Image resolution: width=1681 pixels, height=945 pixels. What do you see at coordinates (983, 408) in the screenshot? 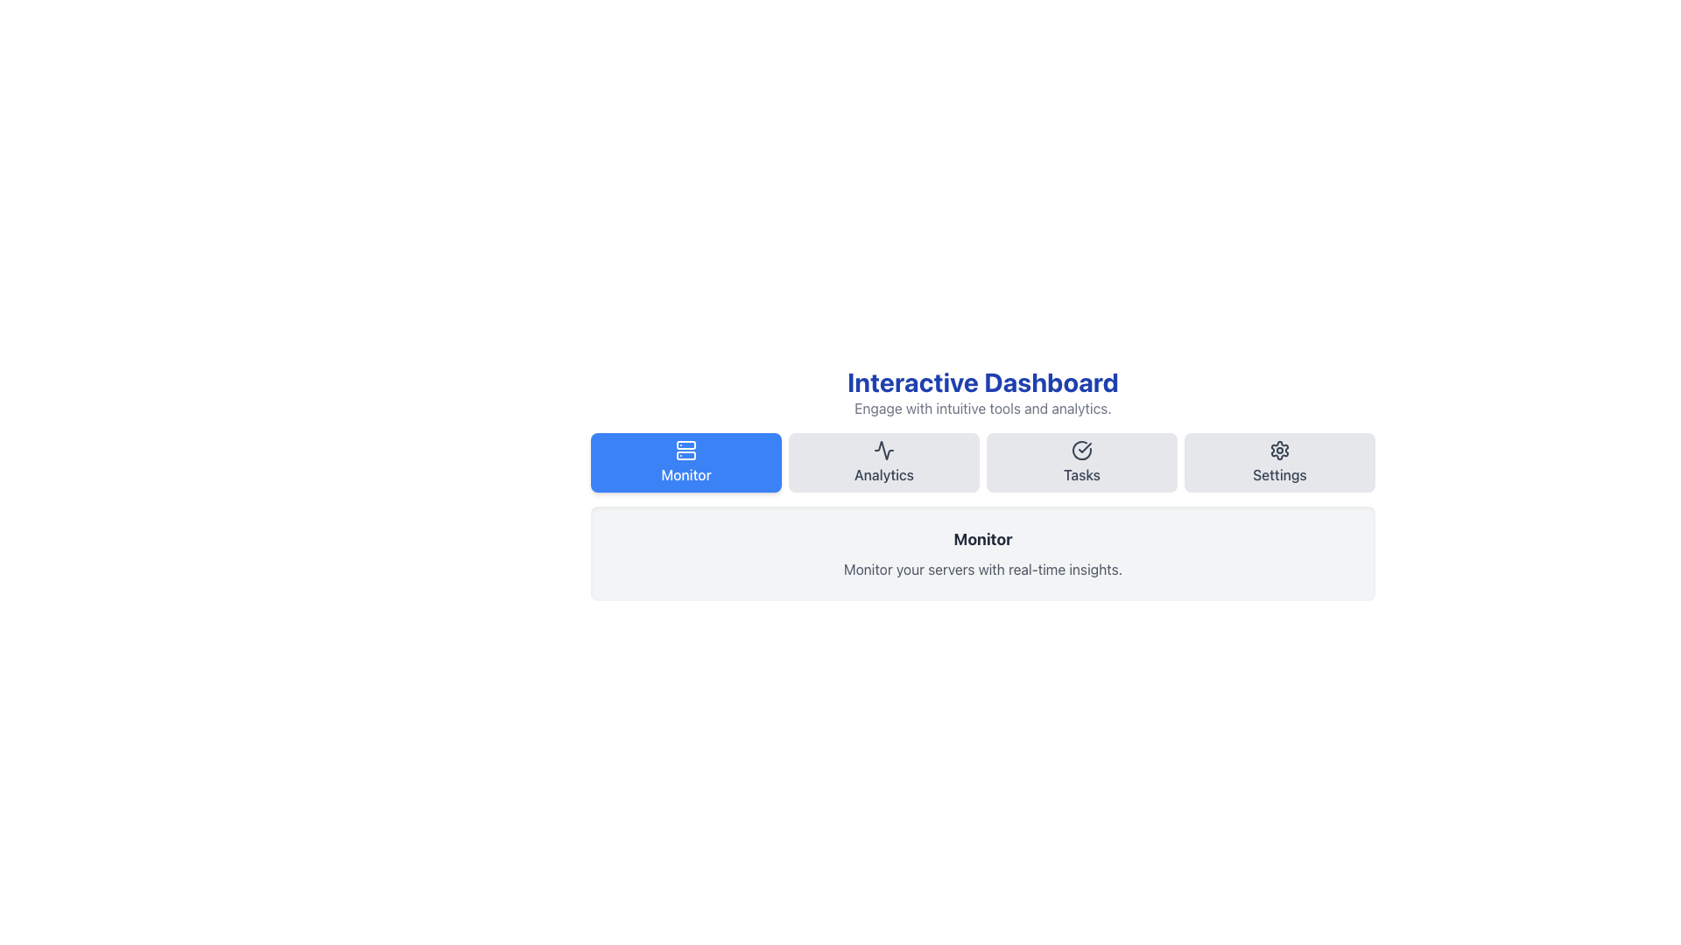
I see `the static text element that says 'Engage with intuitive tools and analytics.' which is located directly below the 'Interactive Dashboard' heading` at bounding box center [983, 408].